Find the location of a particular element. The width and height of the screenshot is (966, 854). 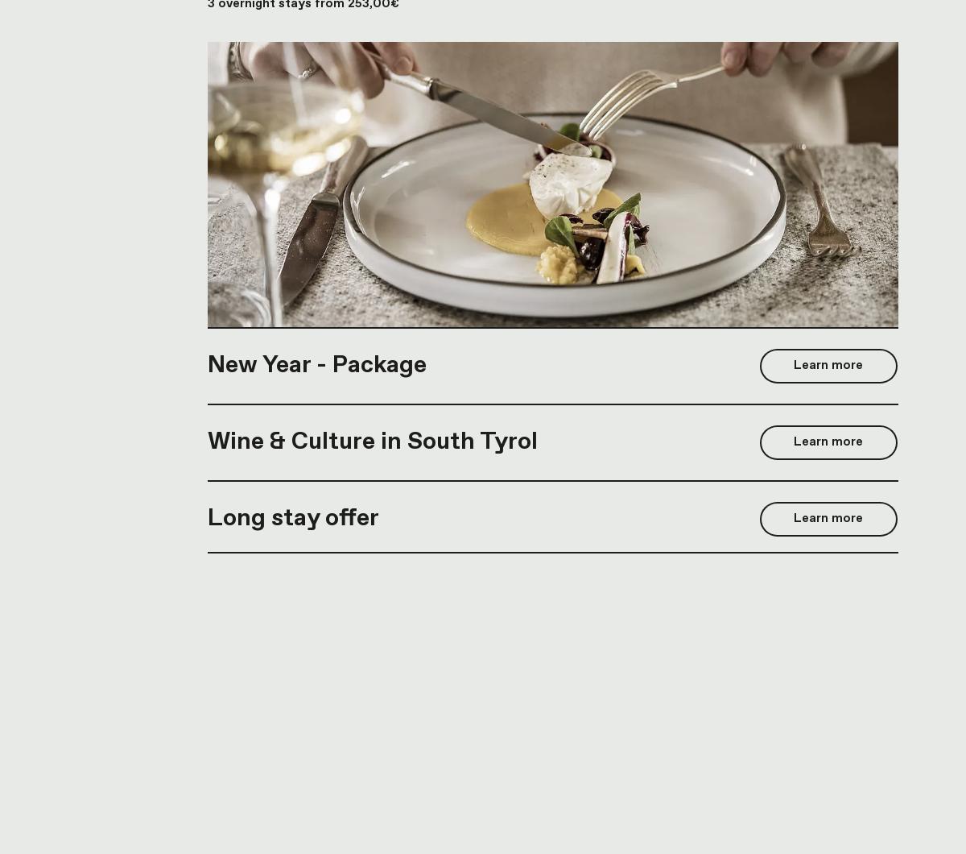

'New Year - Package' is located at coordinates (316, 363).